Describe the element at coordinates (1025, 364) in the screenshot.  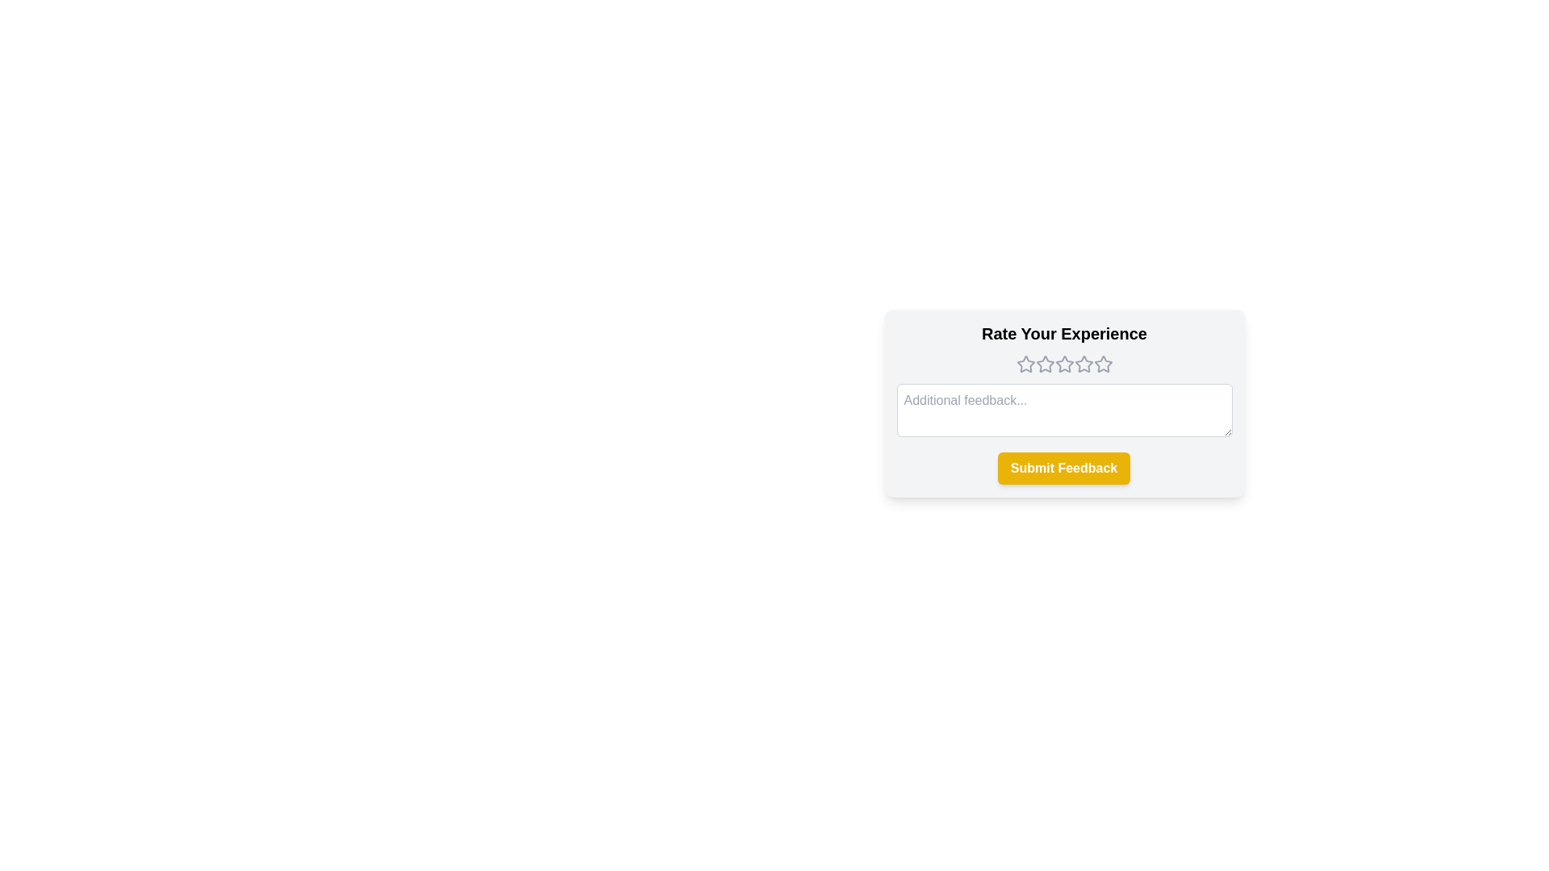
I see `the star icon that serves as a one-star rating in the 'Rate Your Experience' section of the interface` at that location.